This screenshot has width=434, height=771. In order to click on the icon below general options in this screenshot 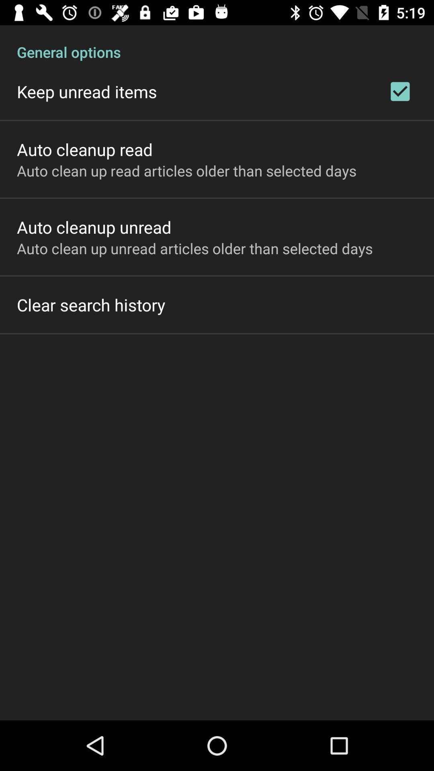, I will do `click(400, 91)`.